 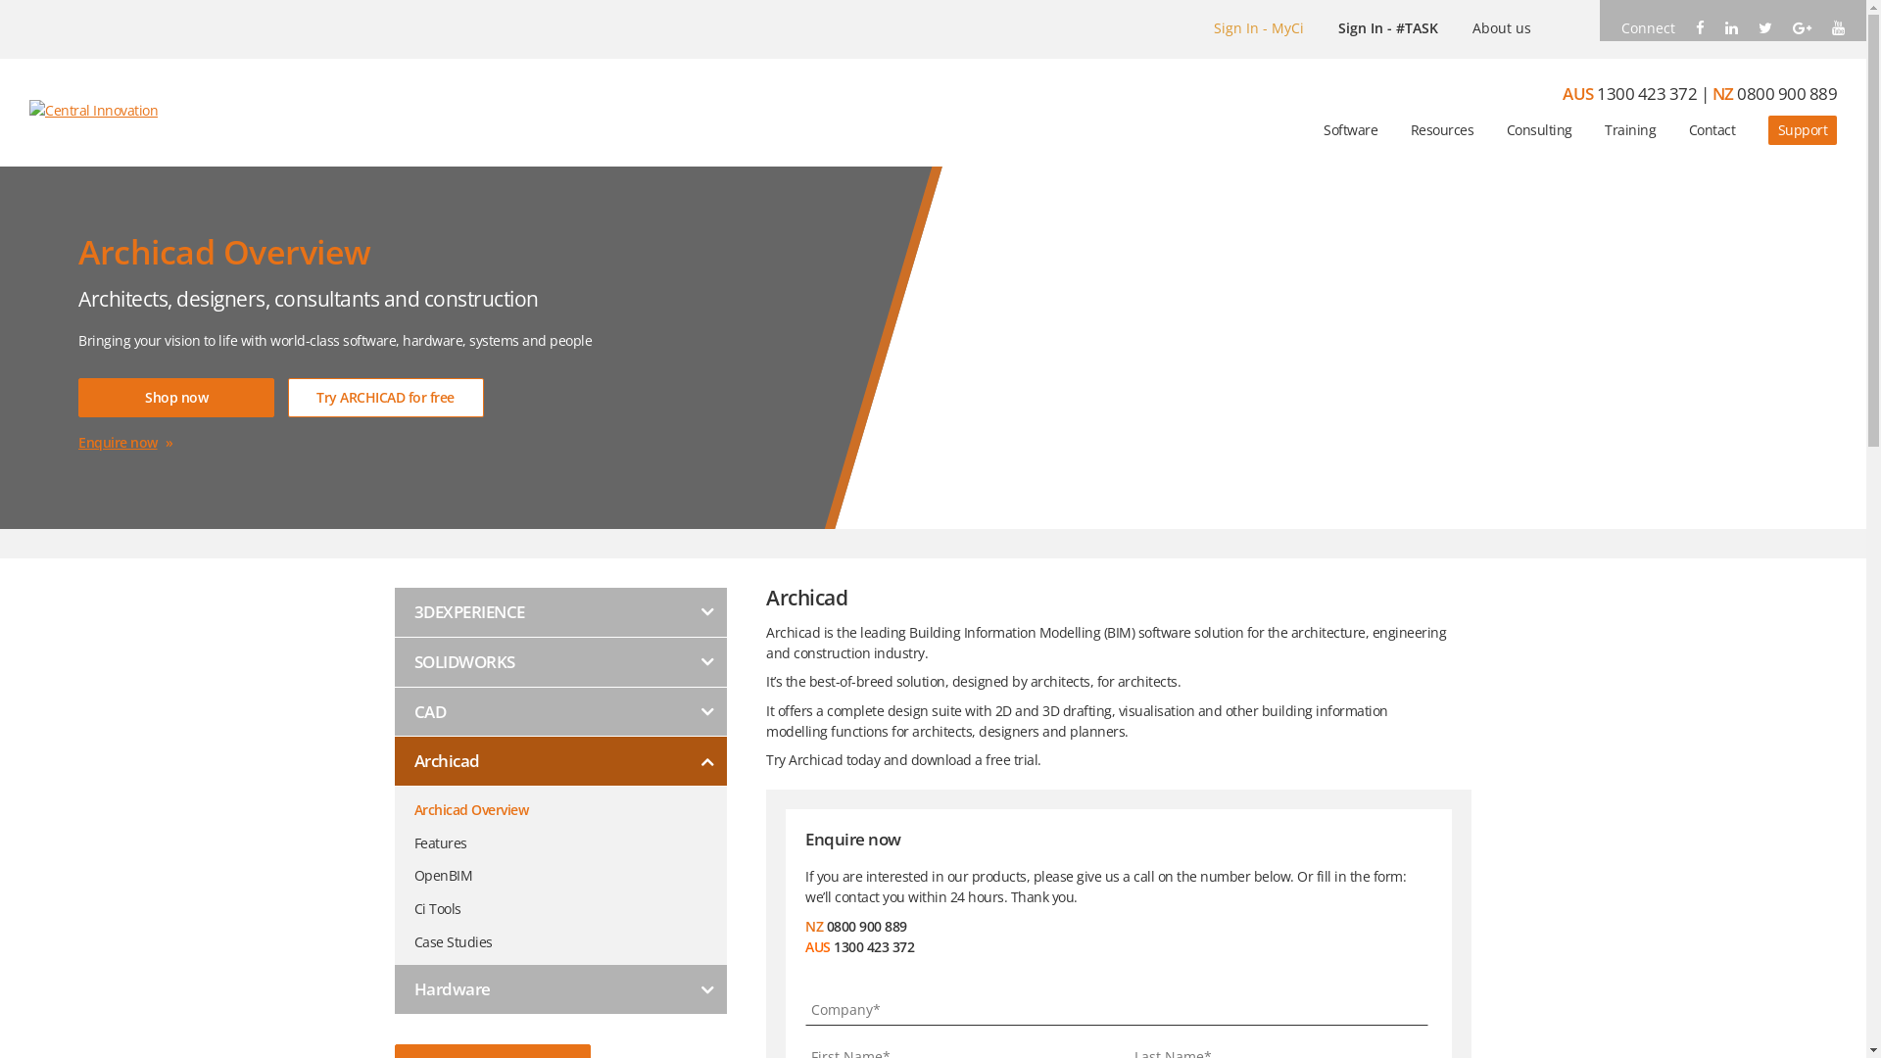 I want to click on 'Contact', so click(x=1711, y=129).